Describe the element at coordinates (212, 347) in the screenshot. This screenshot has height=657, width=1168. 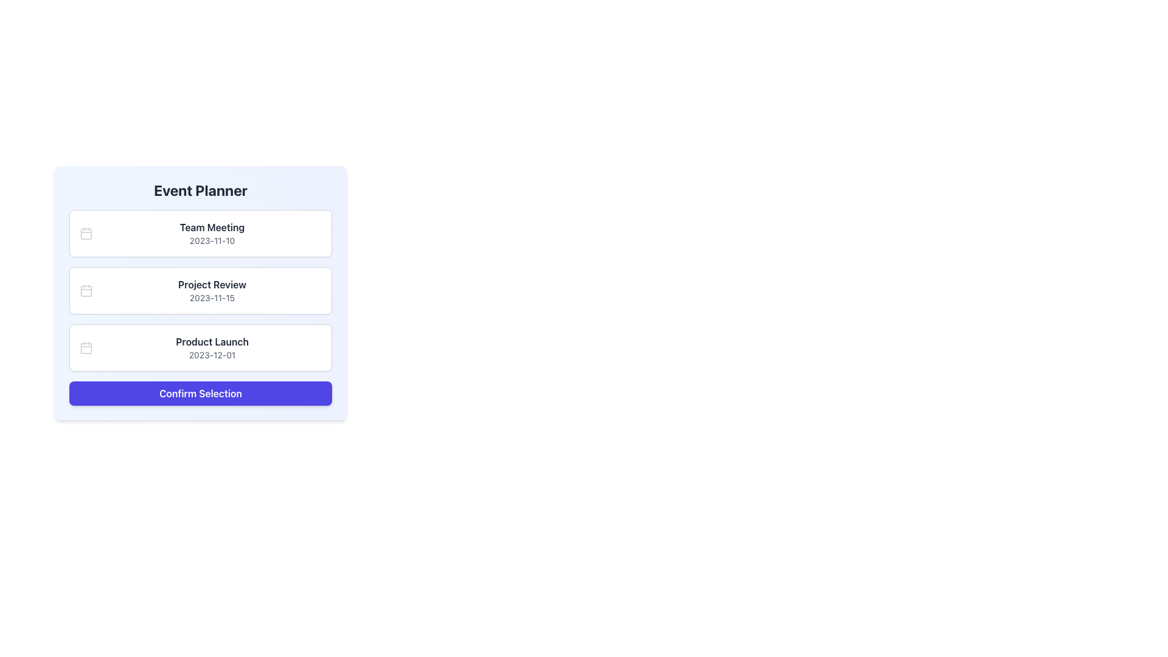
I see `the Information Display Block that shows the event titled 'Product Launch' with the date '2023-12-01' in the Event Planner section` at that location.